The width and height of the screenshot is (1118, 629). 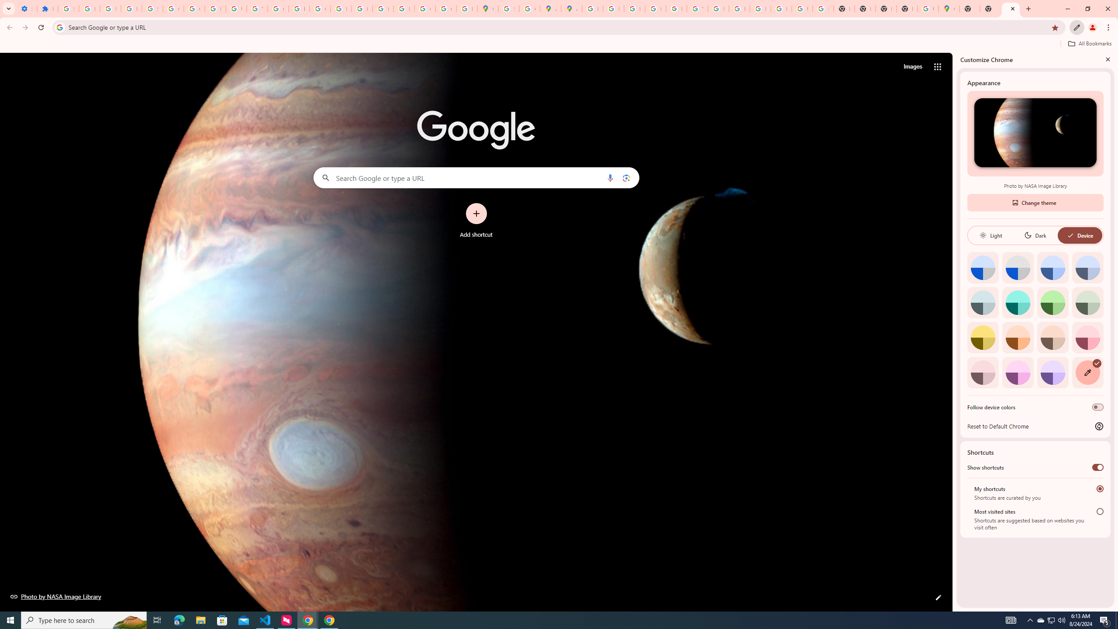 What do you see at coordinates (529, 8) in the screenshot?
I see `'Create your Google Account'` at bounding box center [529, 8].